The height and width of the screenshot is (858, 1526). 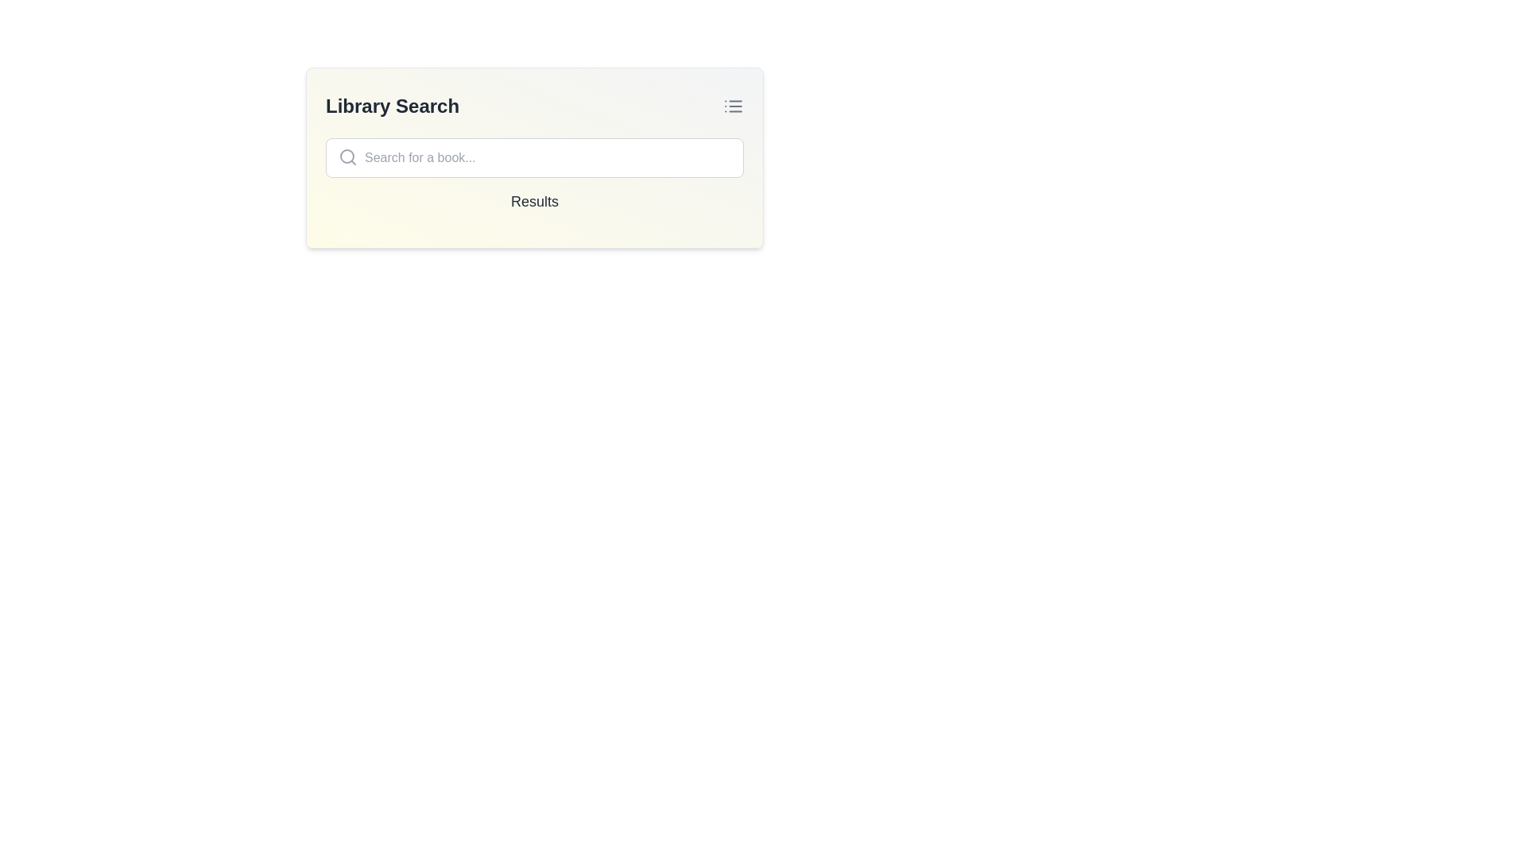 What do you see at coordinates (534, 201) in the screenshot?
I see `the 'Results' text label, which is a bold, dark gray label located within the 'Library Search' box, just below the search input field` at bounding box center [534, 201].